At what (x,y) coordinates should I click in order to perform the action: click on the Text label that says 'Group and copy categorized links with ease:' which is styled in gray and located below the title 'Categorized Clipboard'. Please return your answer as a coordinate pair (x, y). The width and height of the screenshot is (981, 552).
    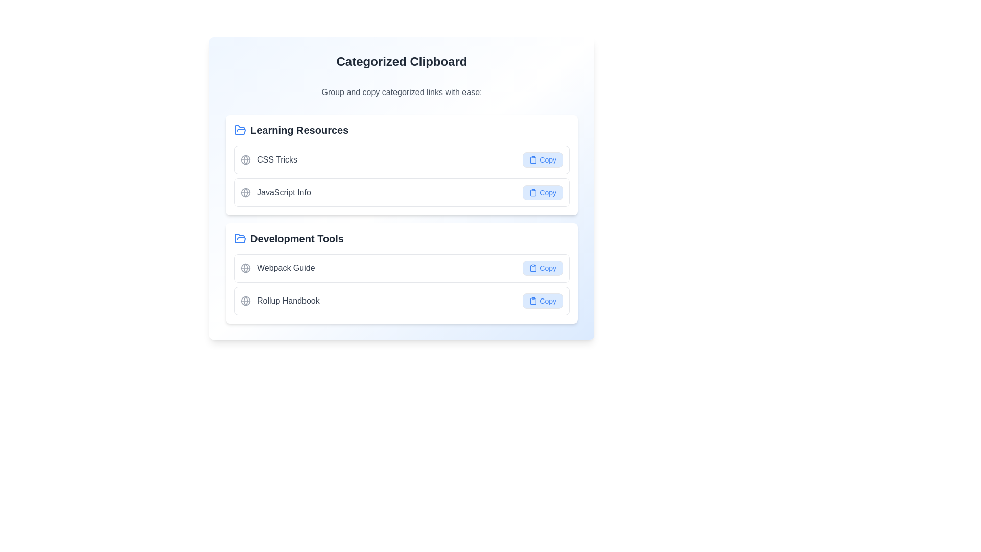
    Looking at the image, I should click on (401, 93).